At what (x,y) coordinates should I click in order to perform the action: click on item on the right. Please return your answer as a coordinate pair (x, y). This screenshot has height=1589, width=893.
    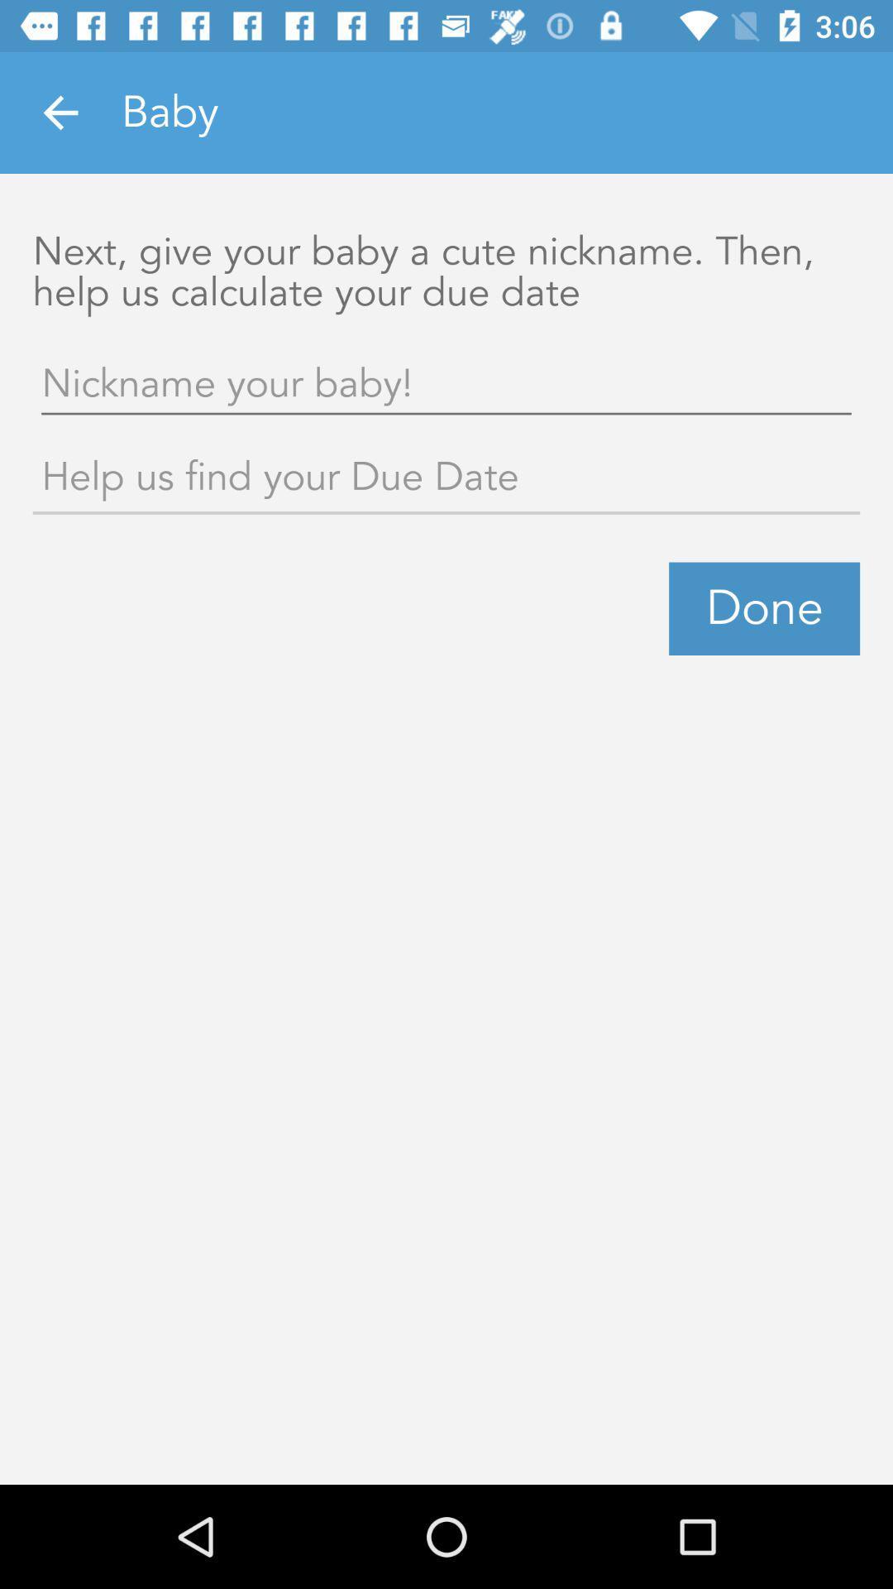
    Looking at the image, I should click on (764, 607).